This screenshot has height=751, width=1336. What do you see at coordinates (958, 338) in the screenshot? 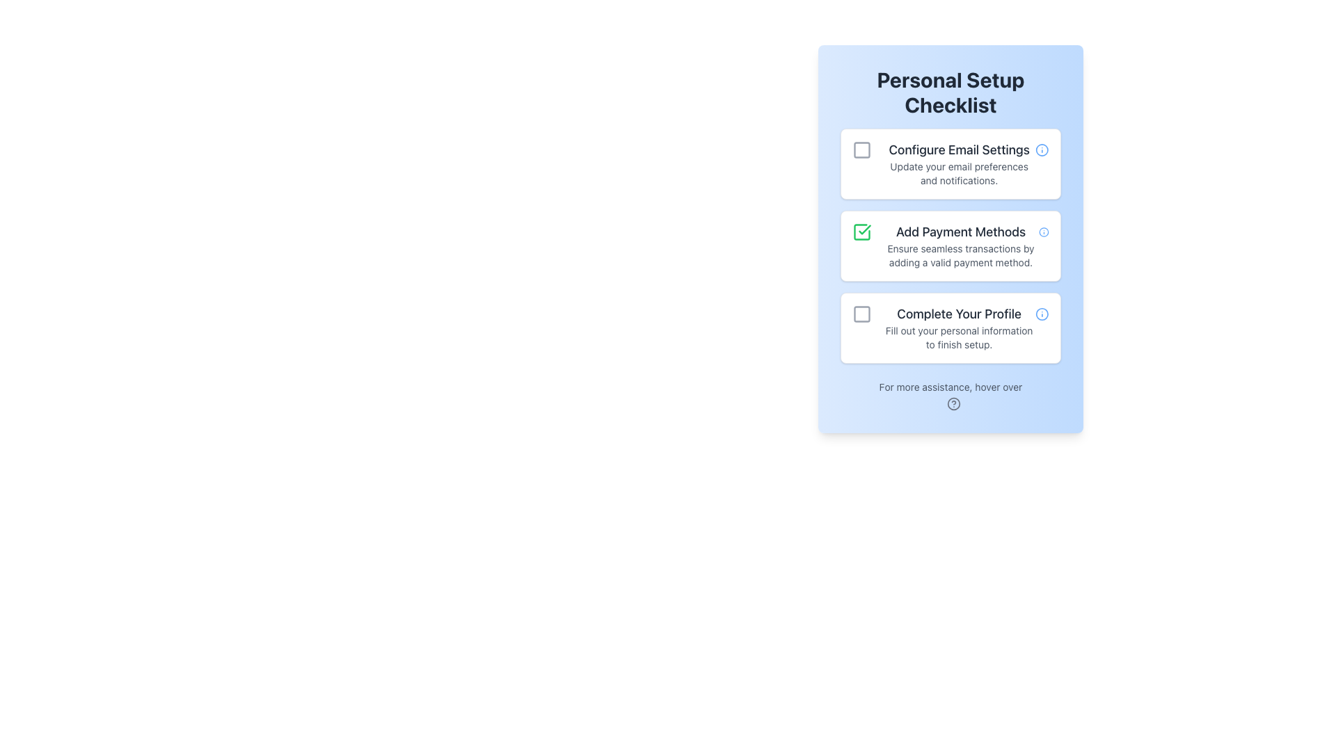
I see `the text element displaying 'Fill out your personal information to finish setup.' which is located under the heading 'Complete Your Profile.'` at bounding box center [958, 338].